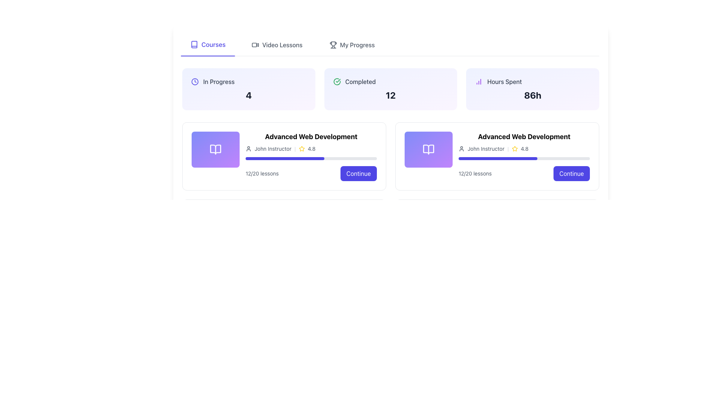 The width and height of the screenshot is (720, 405). I want to click on the third navigation button in the header bar, which allows the user, so click(352, 45).